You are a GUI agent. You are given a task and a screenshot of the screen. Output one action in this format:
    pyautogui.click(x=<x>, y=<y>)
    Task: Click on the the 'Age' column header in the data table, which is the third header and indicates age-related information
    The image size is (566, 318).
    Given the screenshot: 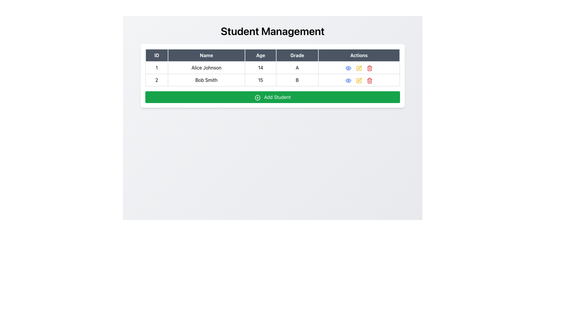 What is the action you would take?
    pyautogui.click(x=260, y=55)
    